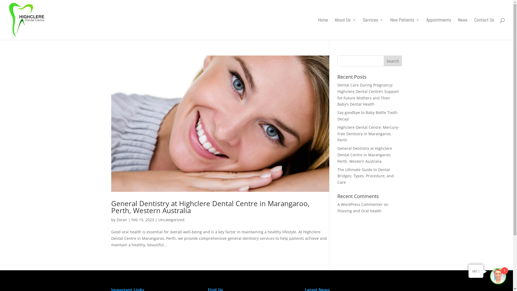 The width and height of the screenshot is (517, 291). I want to click on 'Appointments', so click(438, 29).